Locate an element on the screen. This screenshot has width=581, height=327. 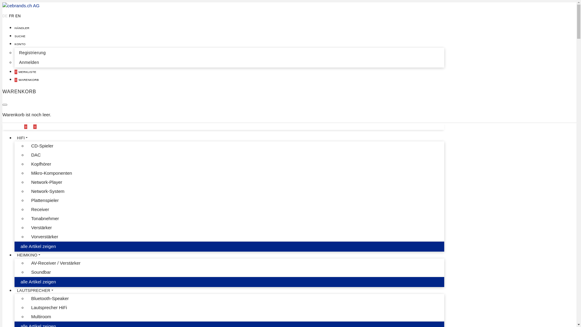
'HIFI' is located at coordinates (15, 138).